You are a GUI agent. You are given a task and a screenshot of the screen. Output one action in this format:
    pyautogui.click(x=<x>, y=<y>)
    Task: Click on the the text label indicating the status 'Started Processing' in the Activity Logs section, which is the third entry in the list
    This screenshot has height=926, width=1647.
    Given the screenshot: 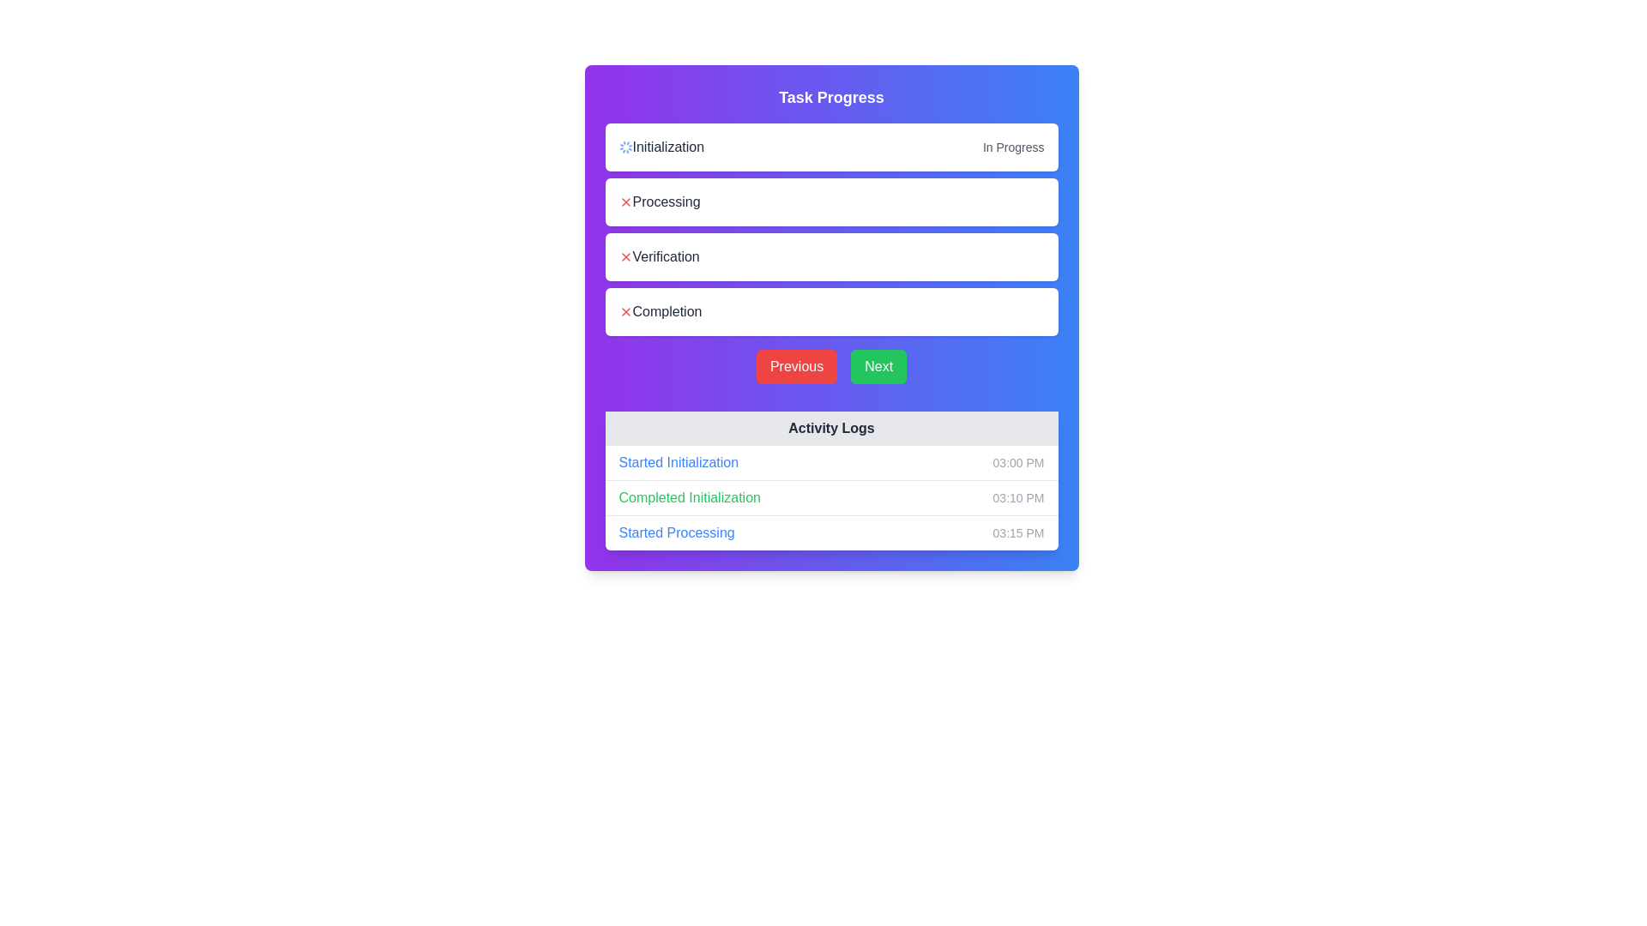 What is the action you would take?
    pyautogui.click(x=676, y=532)
    